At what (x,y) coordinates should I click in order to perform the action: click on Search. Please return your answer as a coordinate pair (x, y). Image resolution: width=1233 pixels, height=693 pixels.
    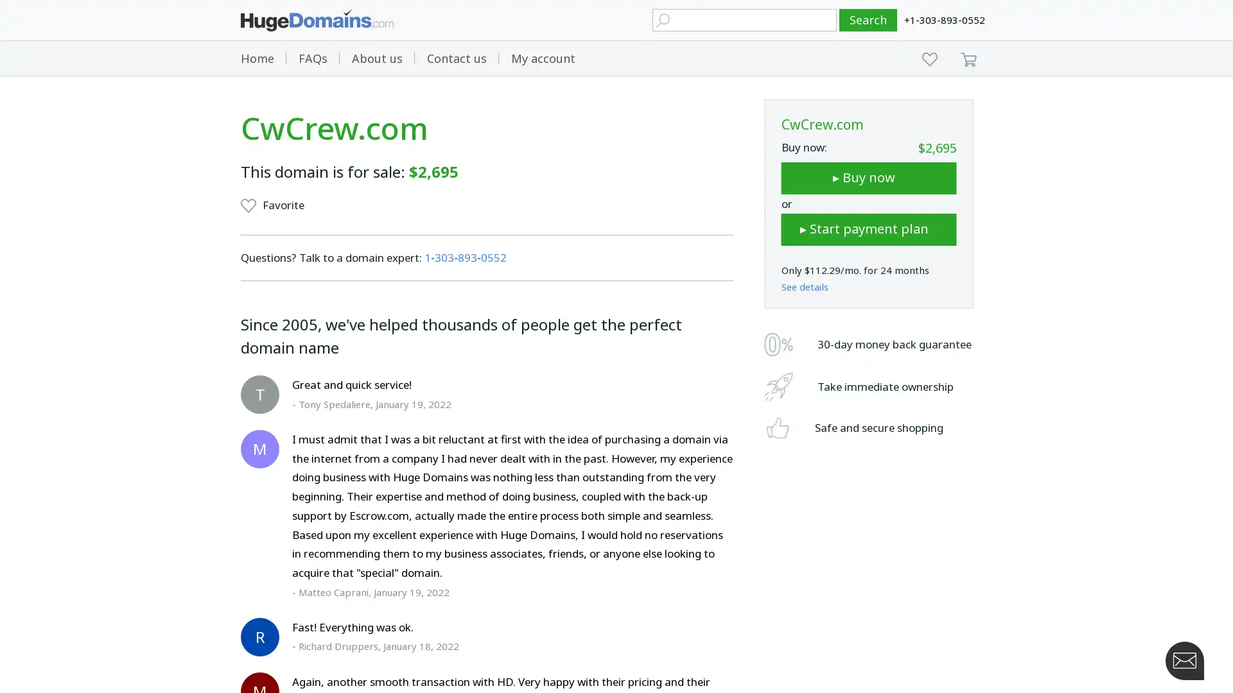
    Looking at the image, I should click on (868, 20).